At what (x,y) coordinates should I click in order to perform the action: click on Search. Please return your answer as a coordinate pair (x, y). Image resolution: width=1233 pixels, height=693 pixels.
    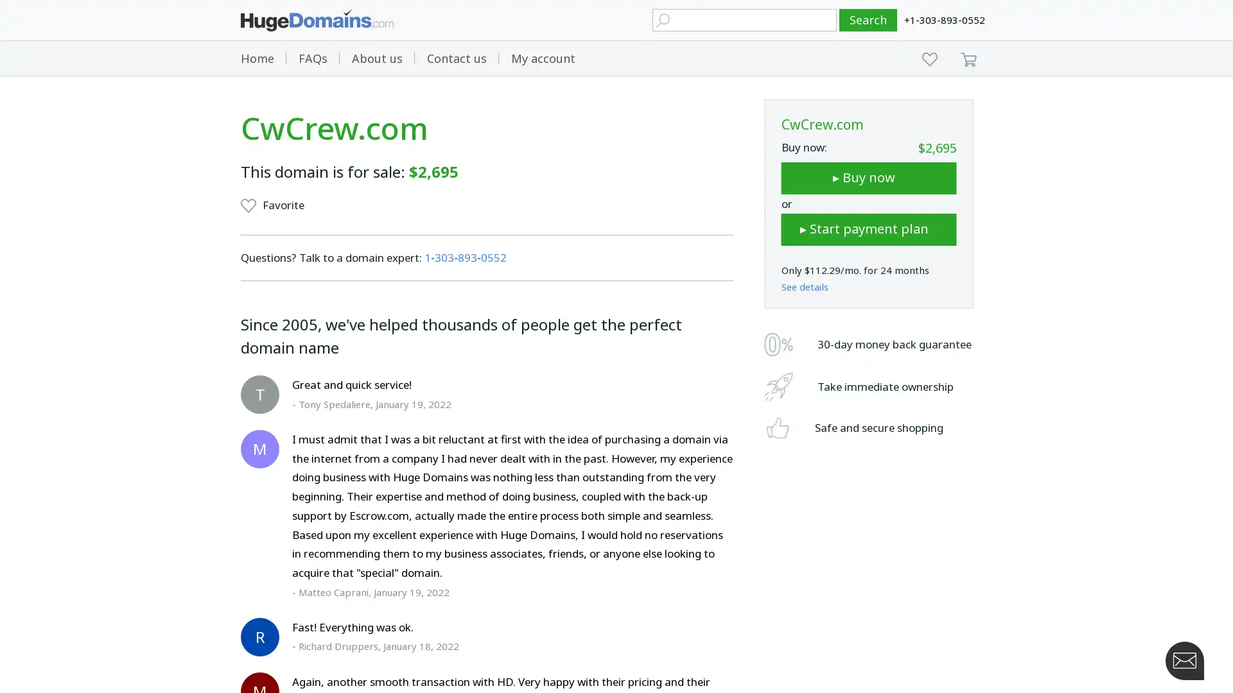
    Looking at the image, I should click on (868, 20).